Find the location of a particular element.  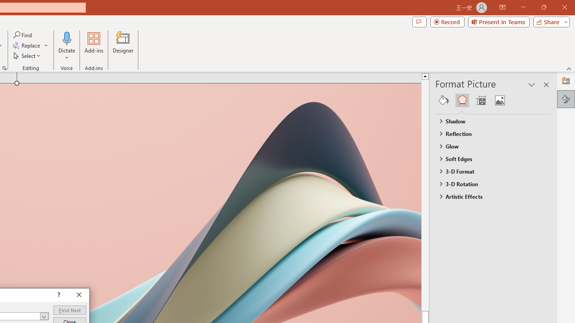

'Find Next' is located at coordinates (69, 310).